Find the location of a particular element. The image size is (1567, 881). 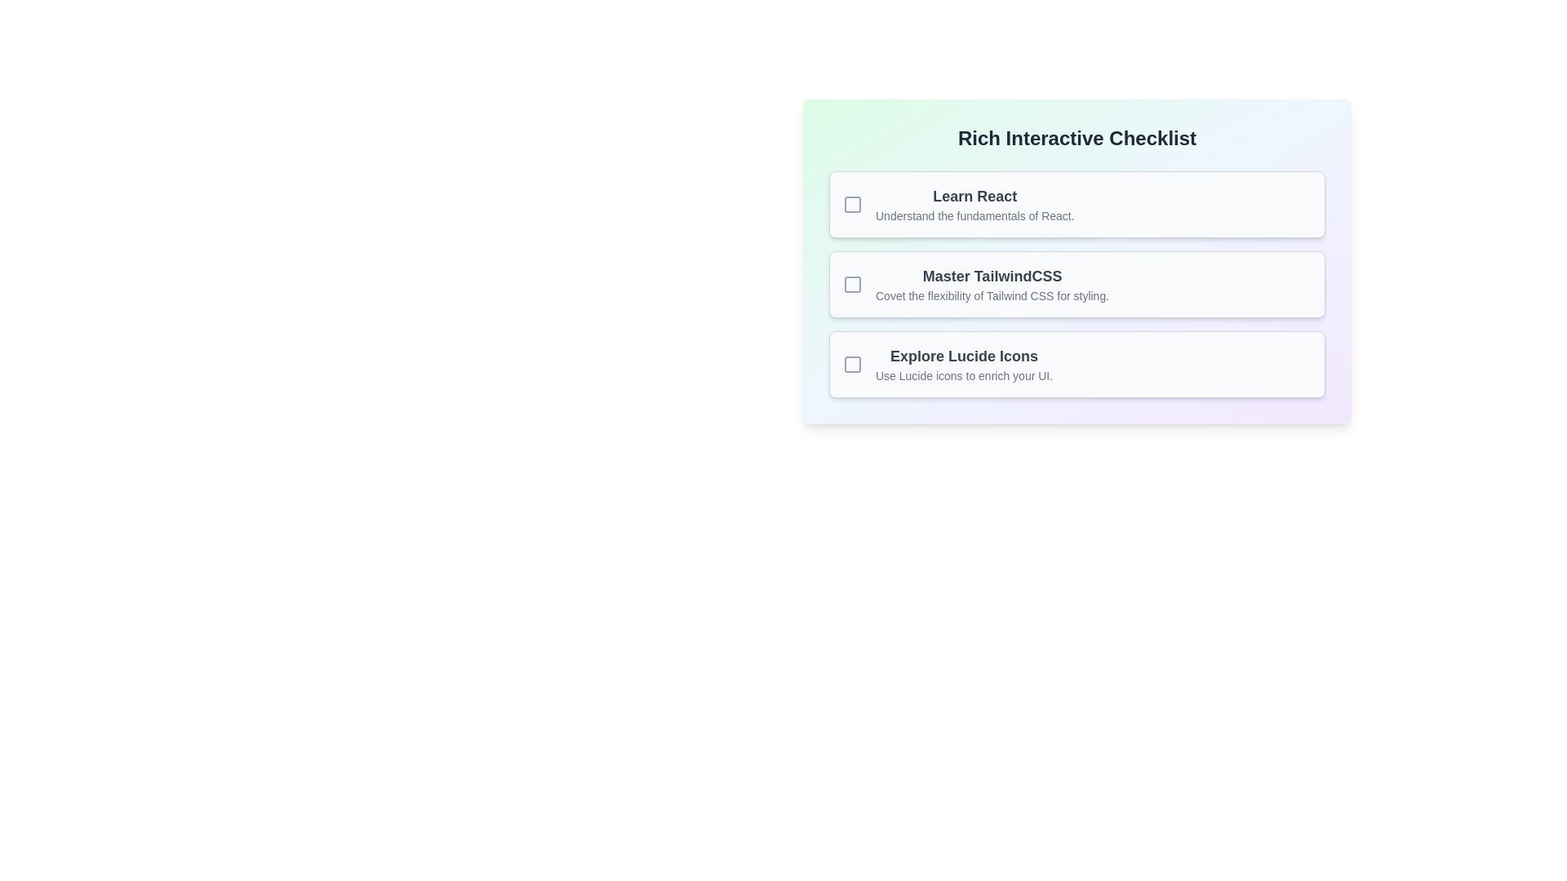

the third selectable checklist item or informational card labeled 'Explore Lucide Icons', which is positioned below 'Master TailwindCSS' in a vertically stacked list is located at coordinates (1077, 364).